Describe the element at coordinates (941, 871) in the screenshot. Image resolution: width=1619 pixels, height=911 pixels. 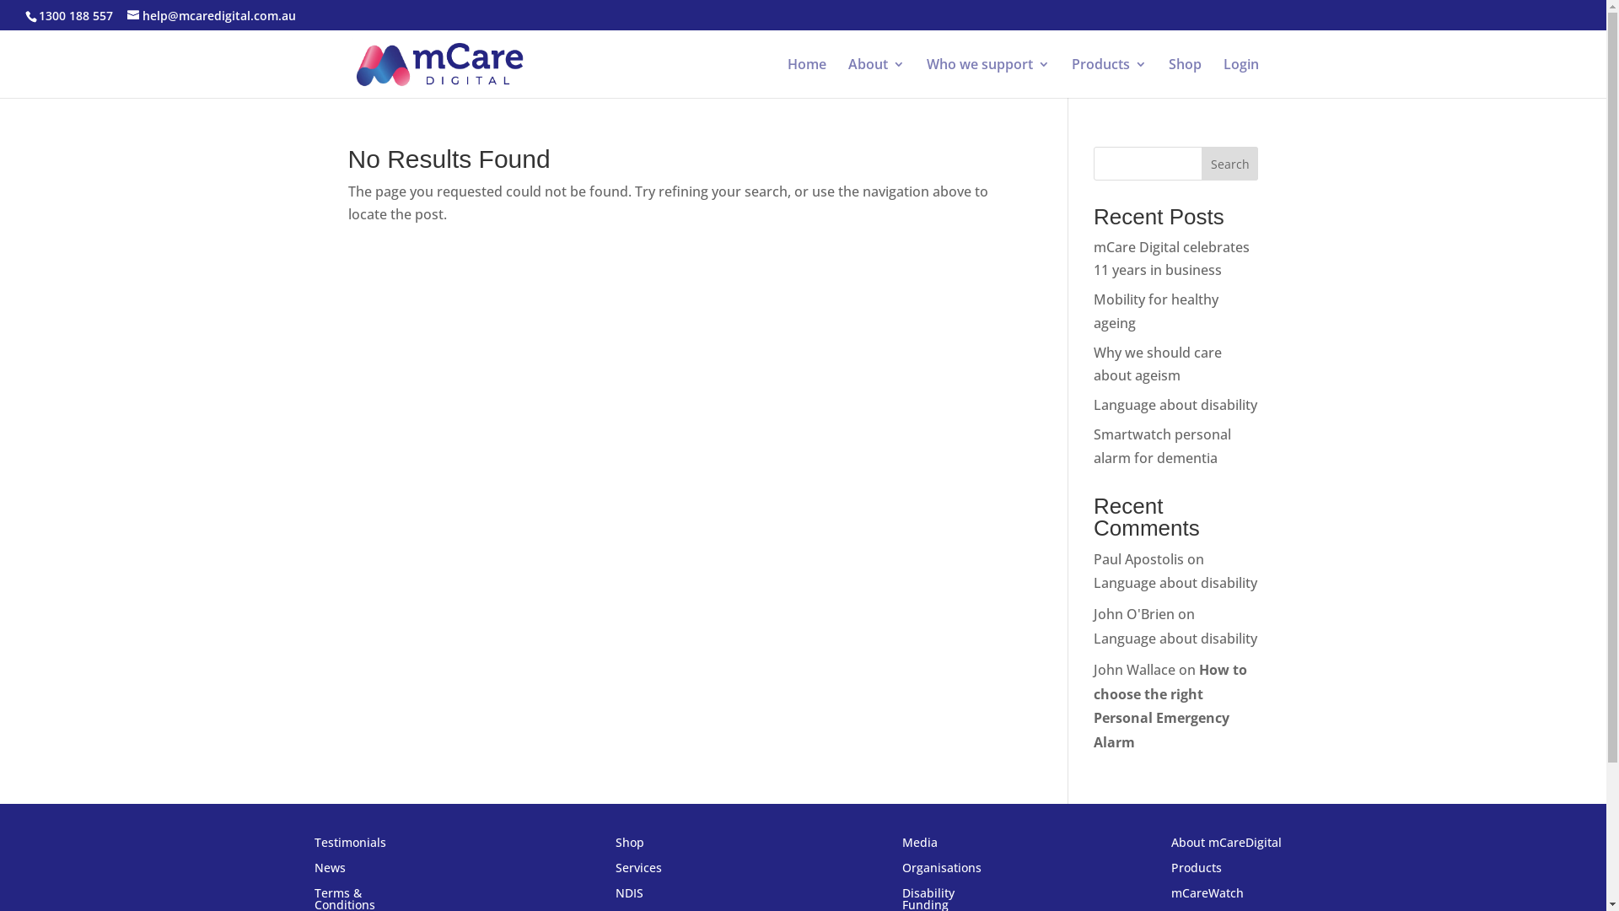
I see `'Organisations'` at that location.